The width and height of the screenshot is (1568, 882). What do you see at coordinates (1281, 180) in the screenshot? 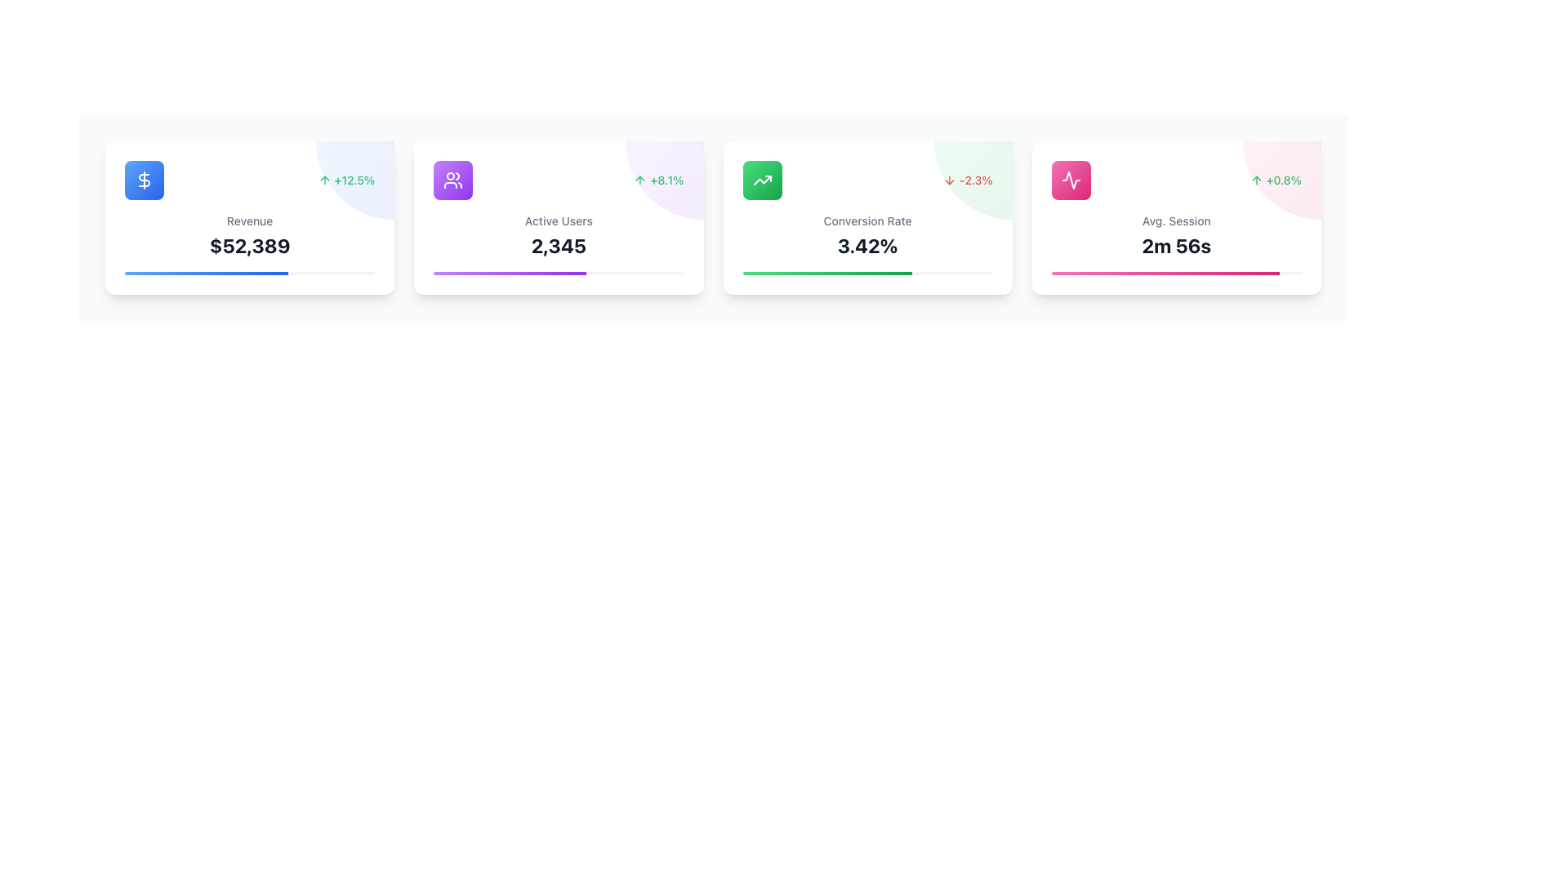
I see `the decorative background element with a faint pink gradient located in the upper right corner of the 'Avg. Session' card` at bounding box center [1281, 180].